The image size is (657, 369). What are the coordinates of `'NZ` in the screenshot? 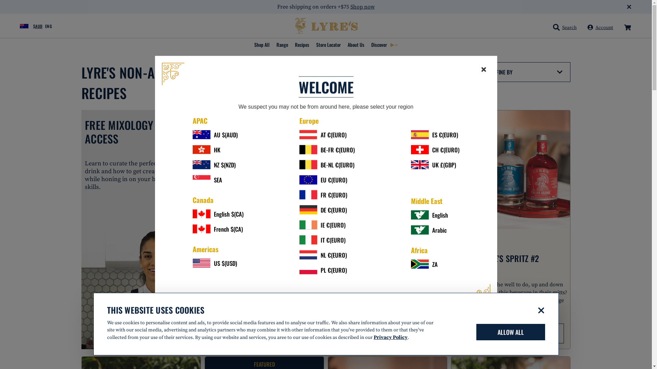 It's located at (217, 164).